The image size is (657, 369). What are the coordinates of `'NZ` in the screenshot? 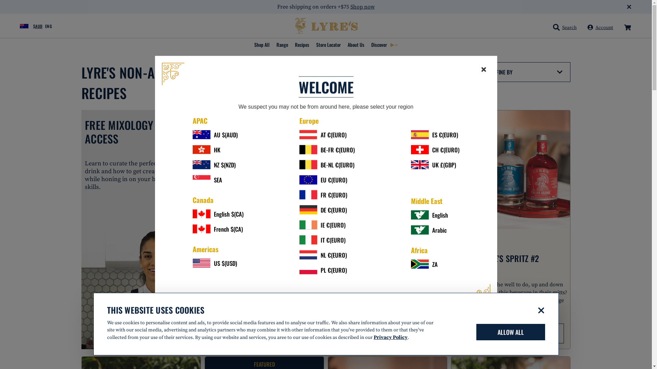 It's located at (217, 164).